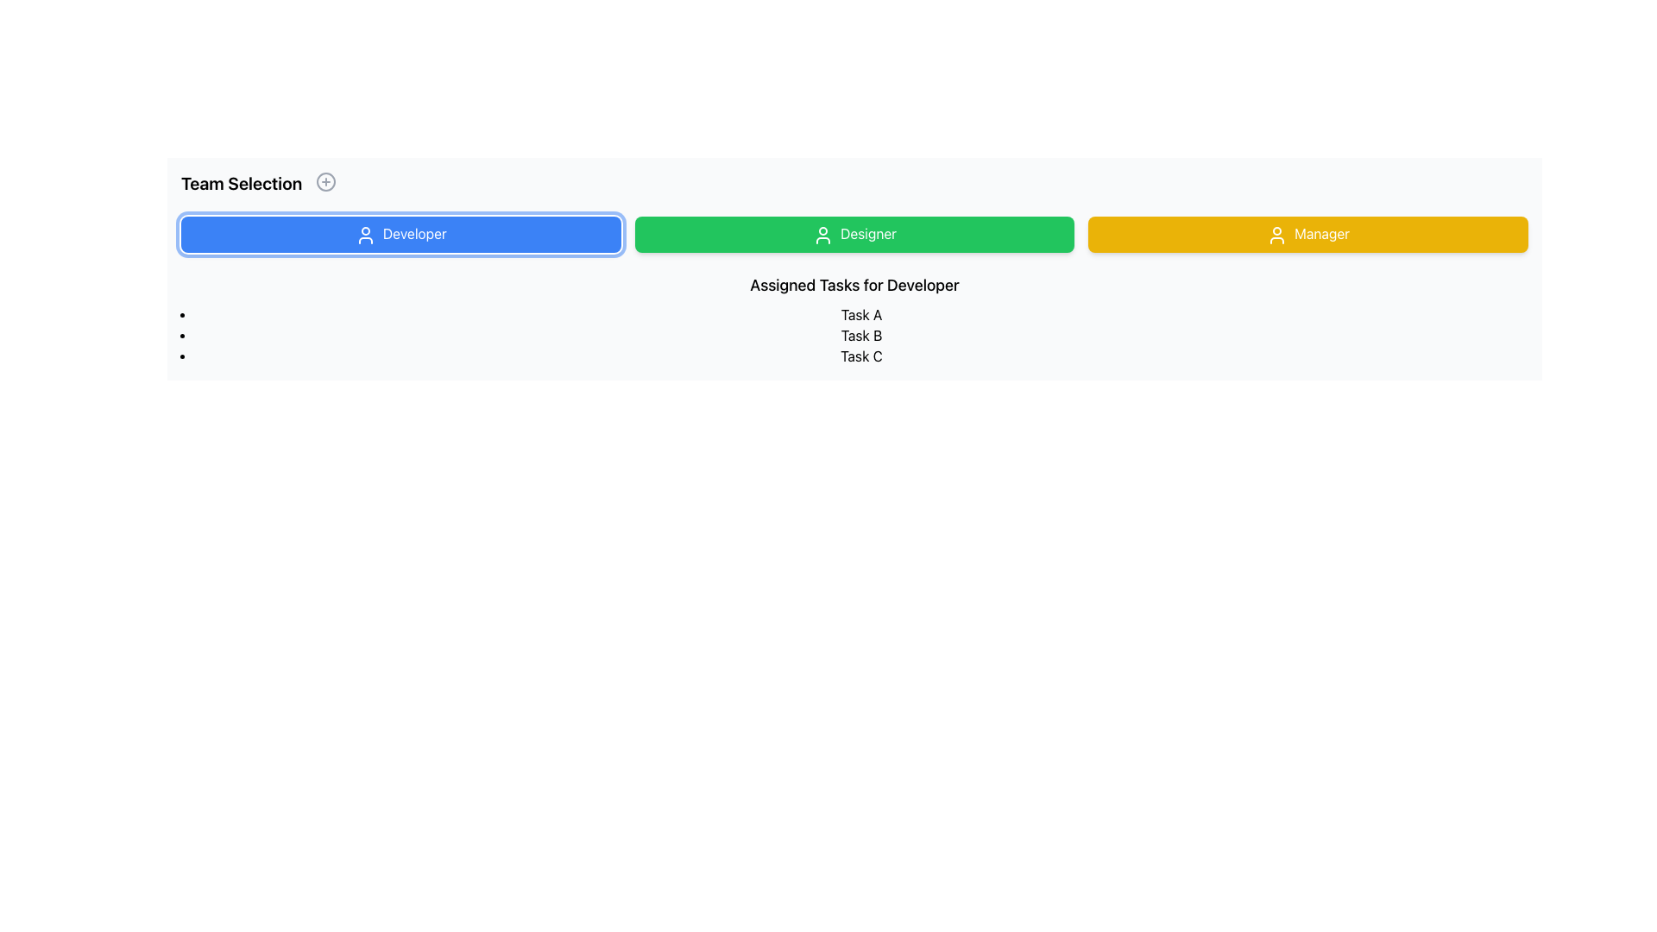  What do you see at coordinates (241, 183) in the screenshot?
I see `text of the section title label located at the top left of the interface` at bounding box center [241, 183].